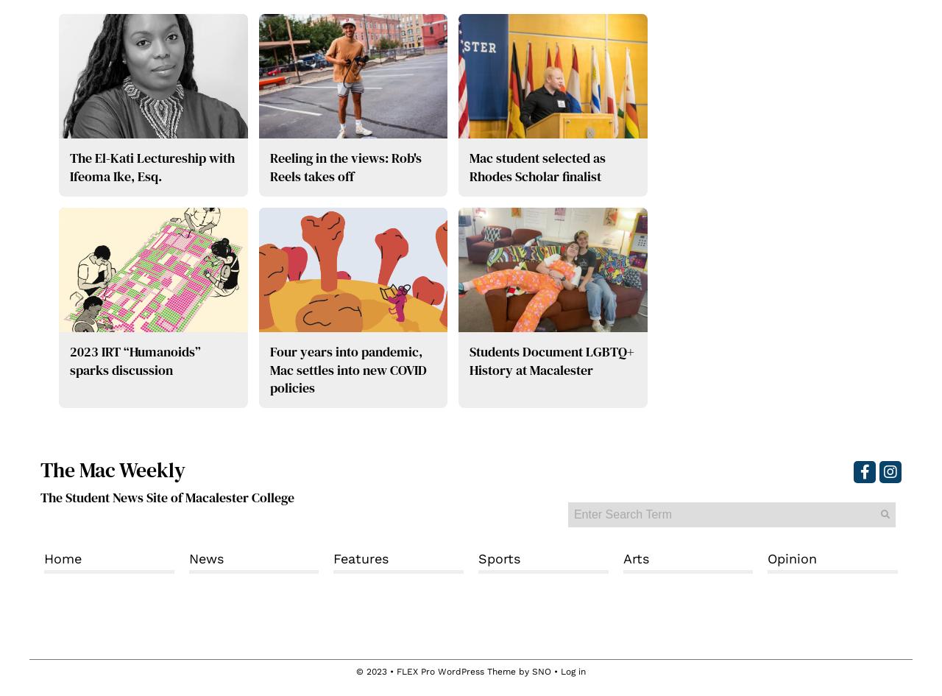 The height and width of the screenshot is (696, 942). Describe the element at coordinates (376, 671) in the screenshot. I see `'© 2023  •'` at that location.